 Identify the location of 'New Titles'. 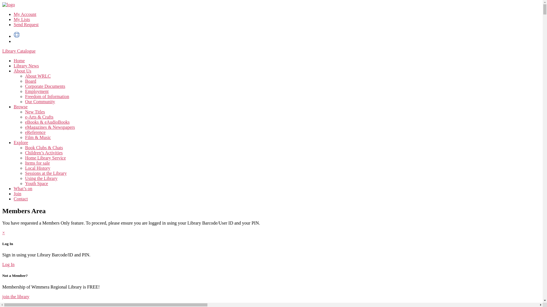
(25, 112).